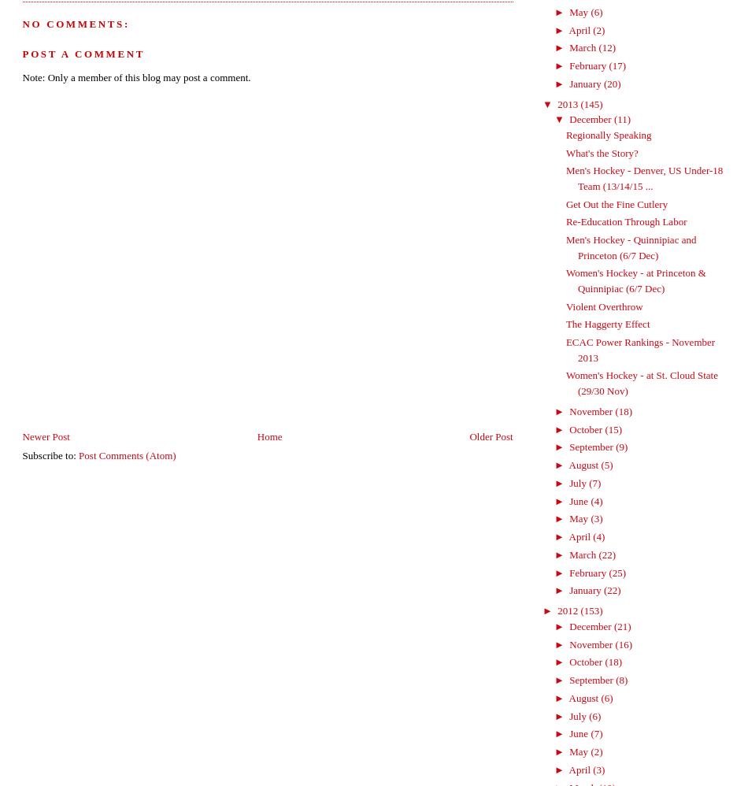 Image resolution: width=748 pixels, height=786 pixels. What do you see at coordinates (624, 221) in the screenshot?
I see `'Re-Education Through Labor'` at bounding box center [624, 221].